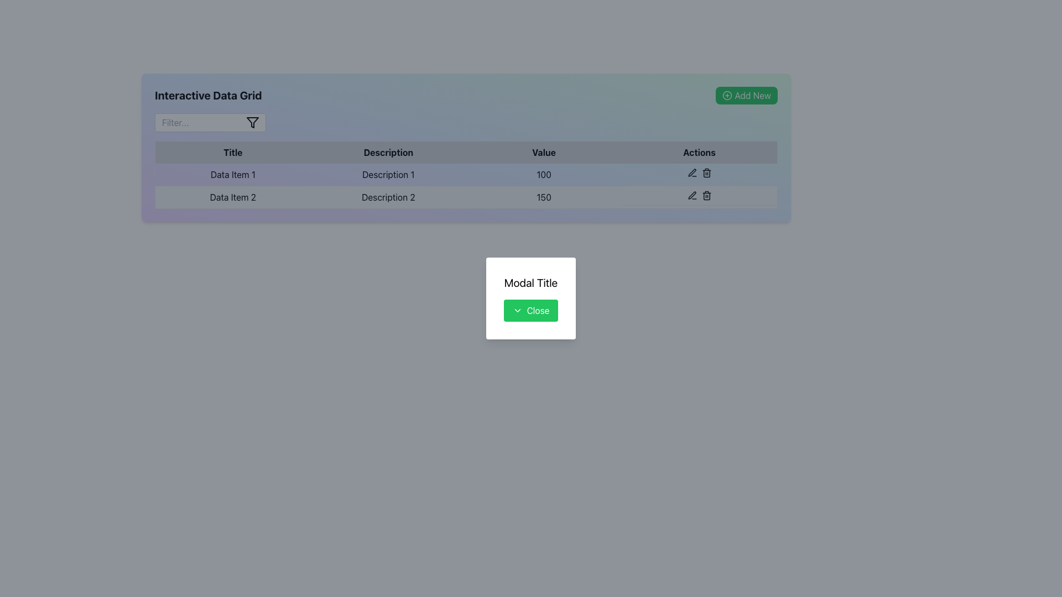  Describe the element at coordinates (699, 152) in the screenshot. I see `the 'Actions' column header in the data grid, which is the fourth label in the horizontal header row containing 'Title,' 'Description,' 'Value,' and 'Actions.'` at that location.